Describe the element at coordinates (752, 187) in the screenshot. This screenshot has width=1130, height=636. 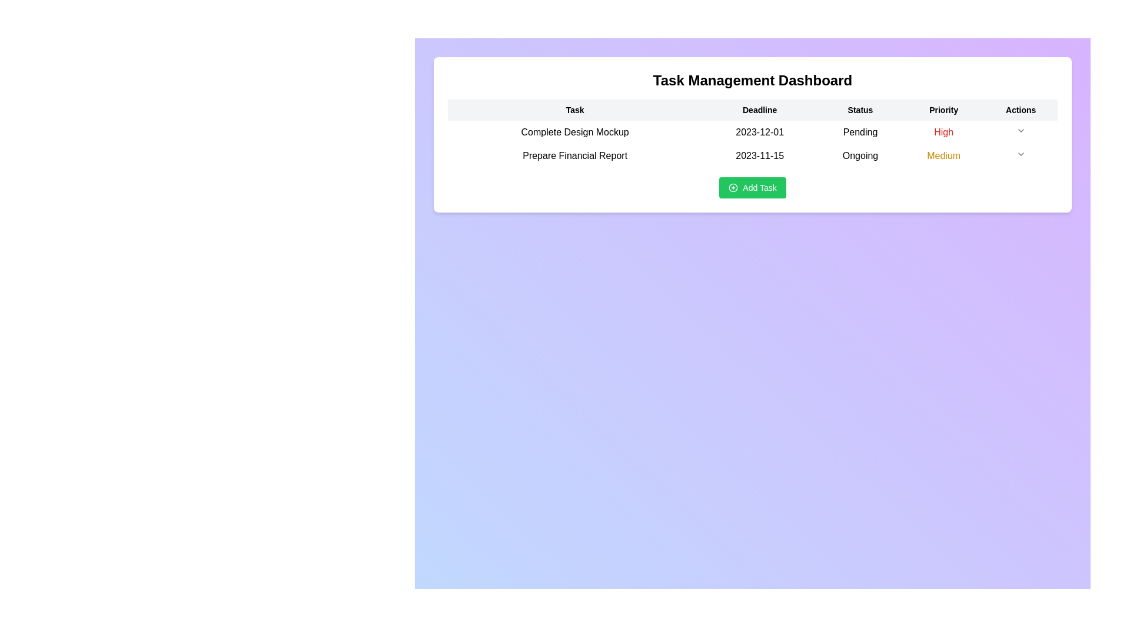
I see `the add task button located at the bottom of the task management list for keyboard interaction` at that location.